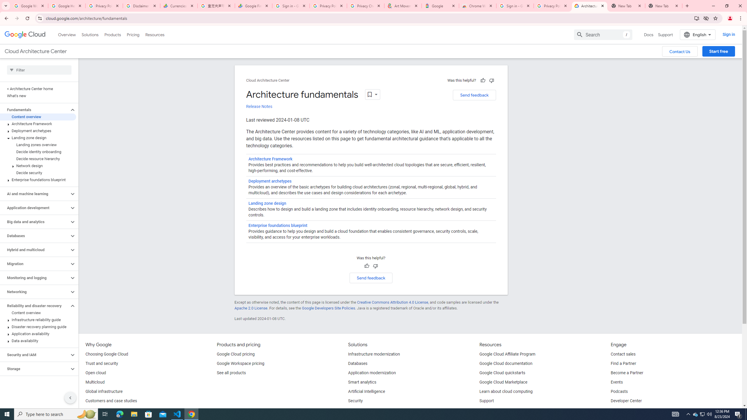 The width and height of the screenshot is (747, 420). What do you see at coordinates (503, 382) in the screenshot?
I see `'Google Cloud Marketplace'` at bounding box center [503, 382].